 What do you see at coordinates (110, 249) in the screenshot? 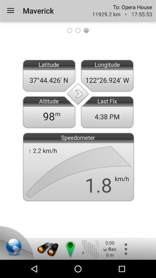
I see `record the time` at bounding box center [110, 249].